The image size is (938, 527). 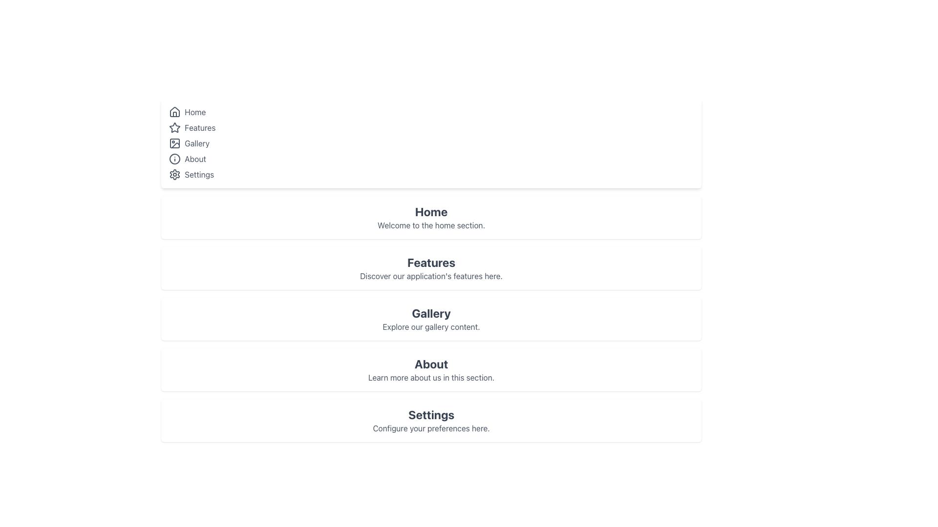 What do you see at coordinates (175, 174) in the screenshot?
I see `the cogwheel icon in the settings section of the navigational menu, which is characterized by its gear-like shape and is adjacent to other section icons` at bounding box center [175, 174].